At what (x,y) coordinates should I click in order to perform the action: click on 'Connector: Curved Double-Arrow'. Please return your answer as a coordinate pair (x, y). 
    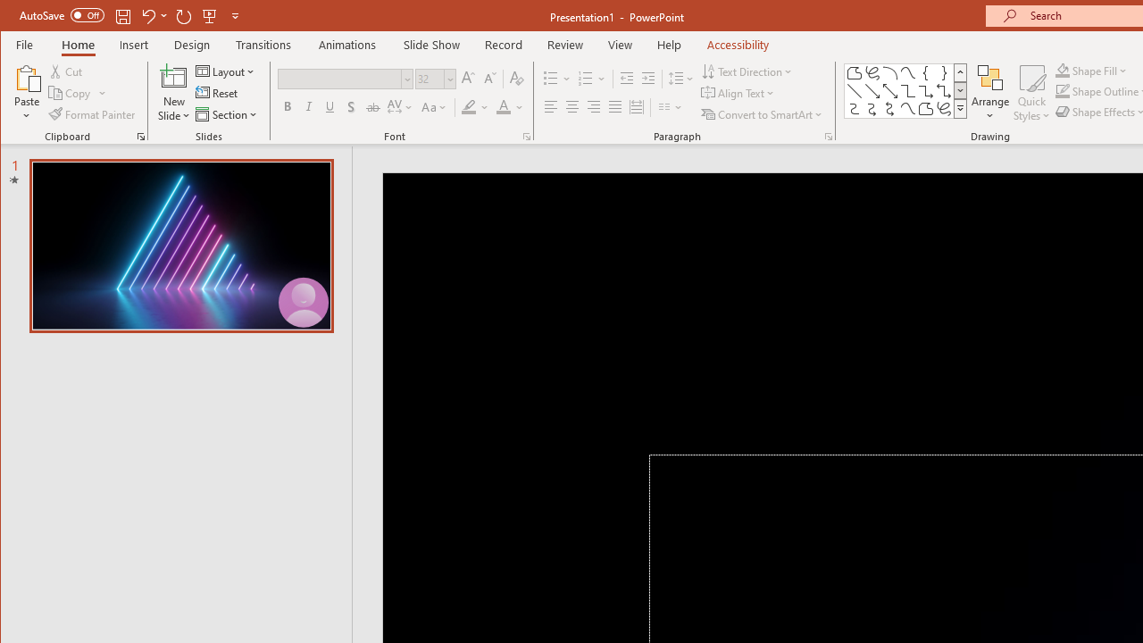
    Looking at the image, I should click on (890, 109).